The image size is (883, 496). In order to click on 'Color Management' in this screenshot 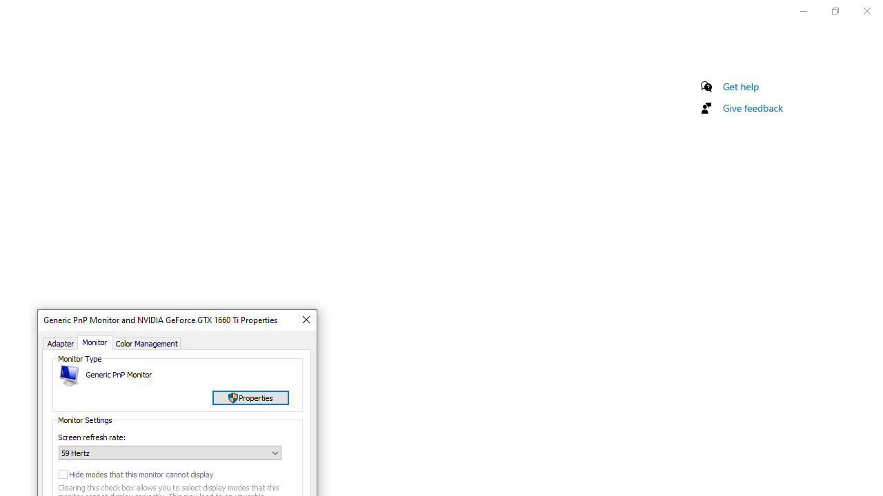, I will do `click(147, 342)`.